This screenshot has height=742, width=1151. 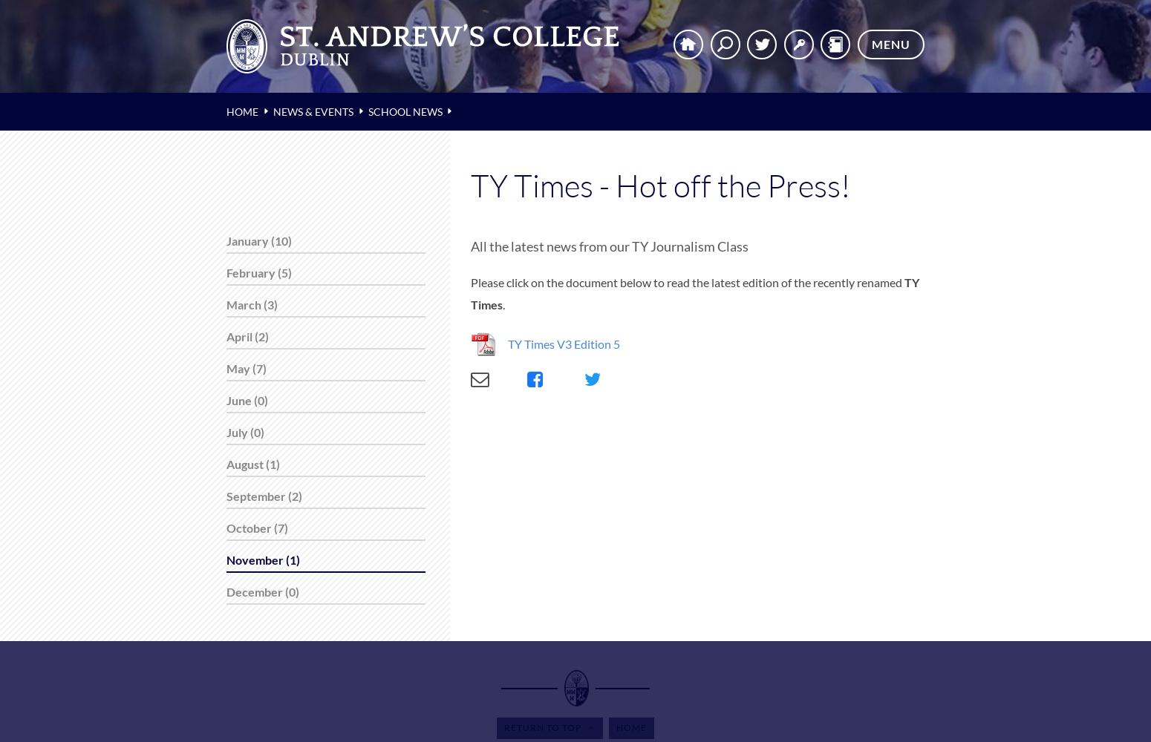 What do you see at coordinates (503, 303) in the screenshot?
I see `'.'` at bounding box center [503, 303].